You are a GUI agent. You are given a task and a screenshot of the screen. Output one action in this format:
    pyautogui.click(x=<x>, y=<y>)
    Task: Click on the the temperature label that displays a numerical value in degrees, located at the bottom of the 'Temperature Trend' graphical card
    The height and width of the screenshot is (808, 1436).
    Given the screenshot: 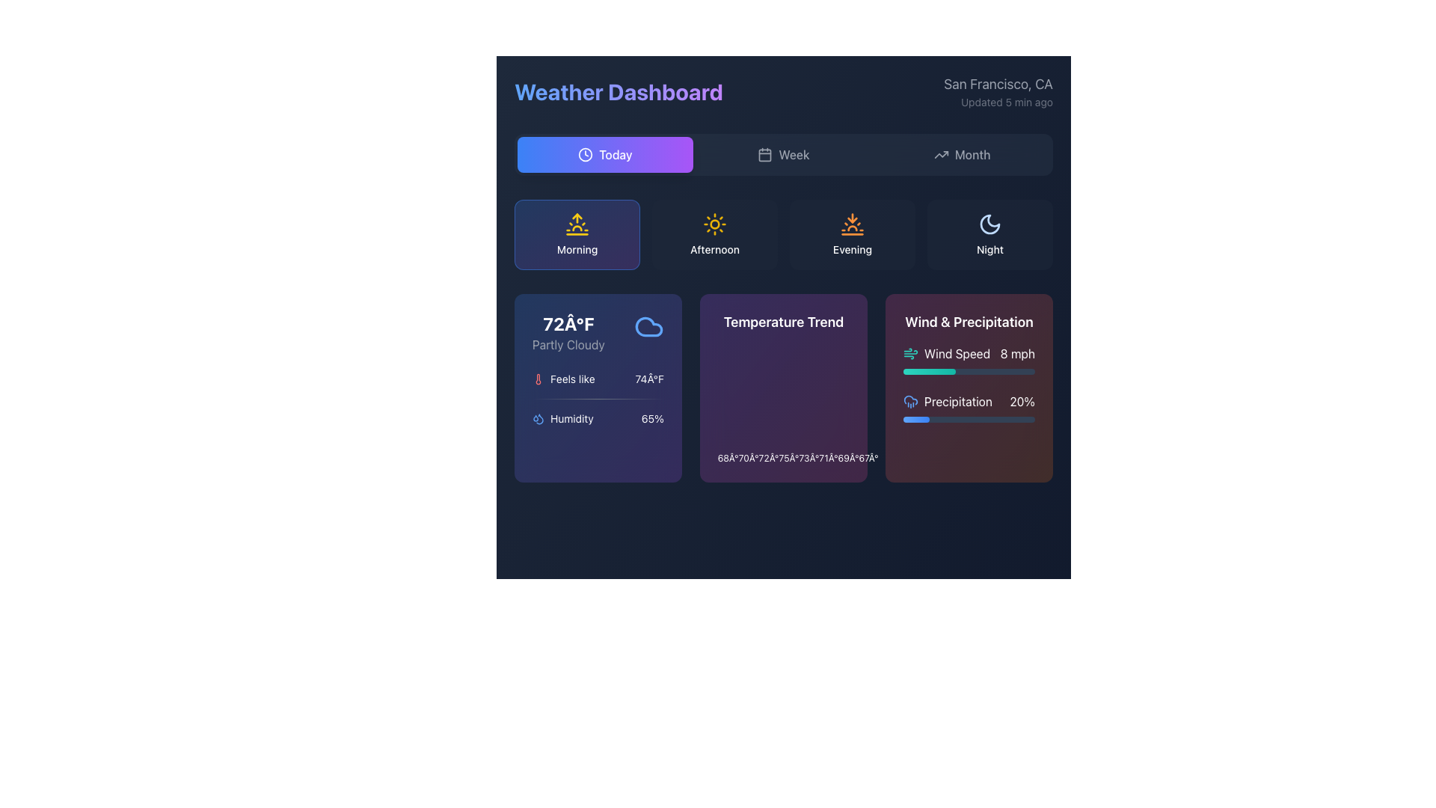 What is the action you would take?
    pyautogui.click(x=848, y=458)
    